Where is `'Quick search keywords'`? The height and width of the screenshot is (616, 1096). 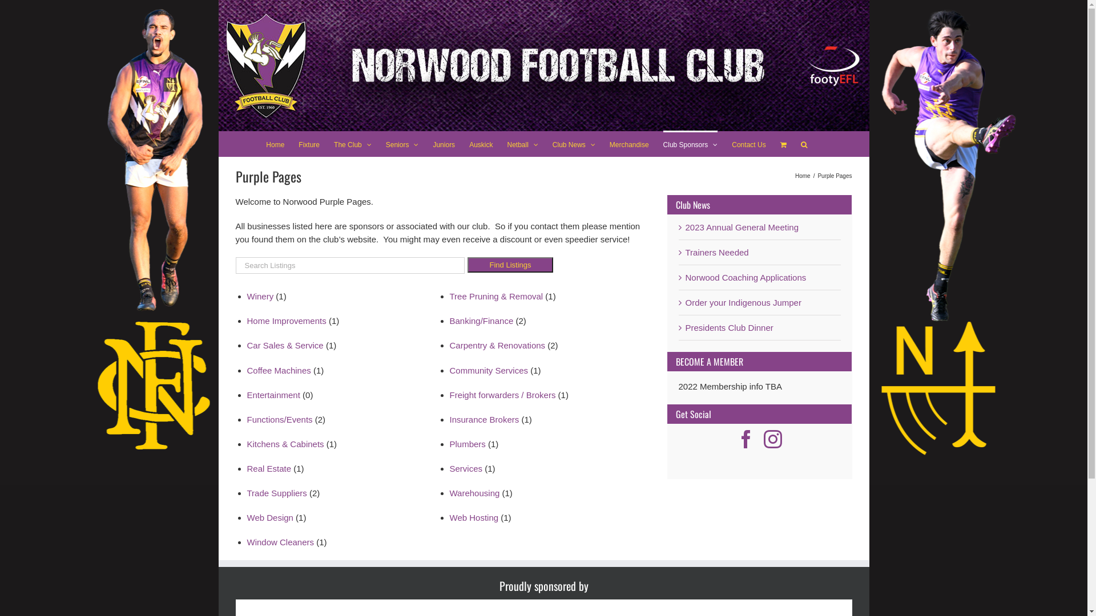 'Quick search keywords' is located at coordinates (349, 265).